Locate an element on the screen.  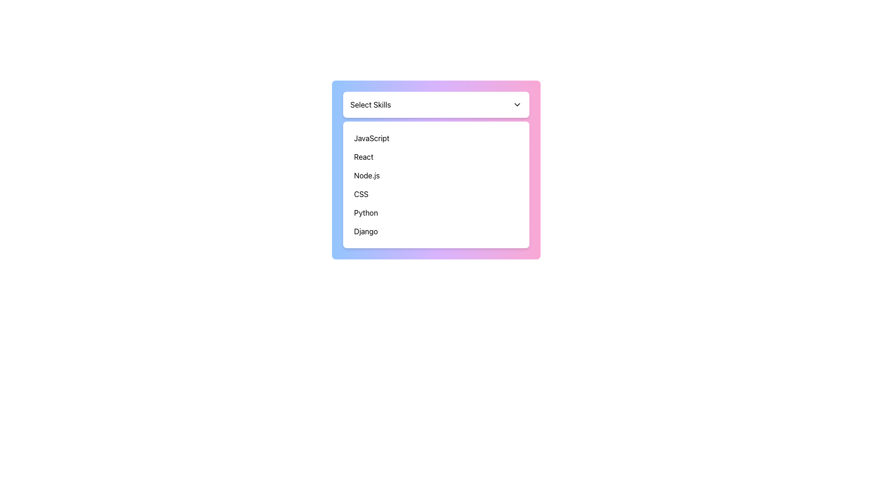
the 'Select Skills' text label in the dropdown component is located at coordinates (370, 104).